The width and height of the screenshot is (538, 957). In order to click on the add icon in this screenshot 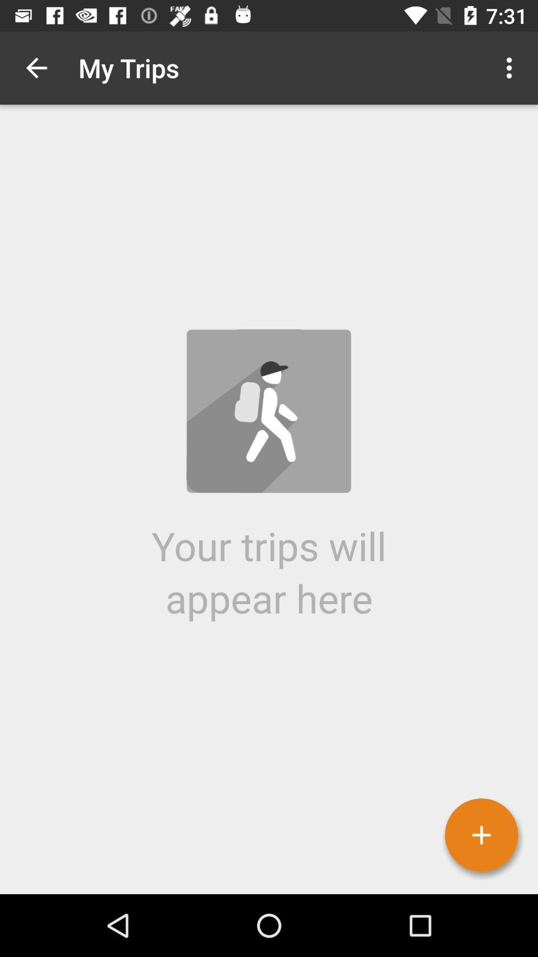, I will do `click(481, 835)`.